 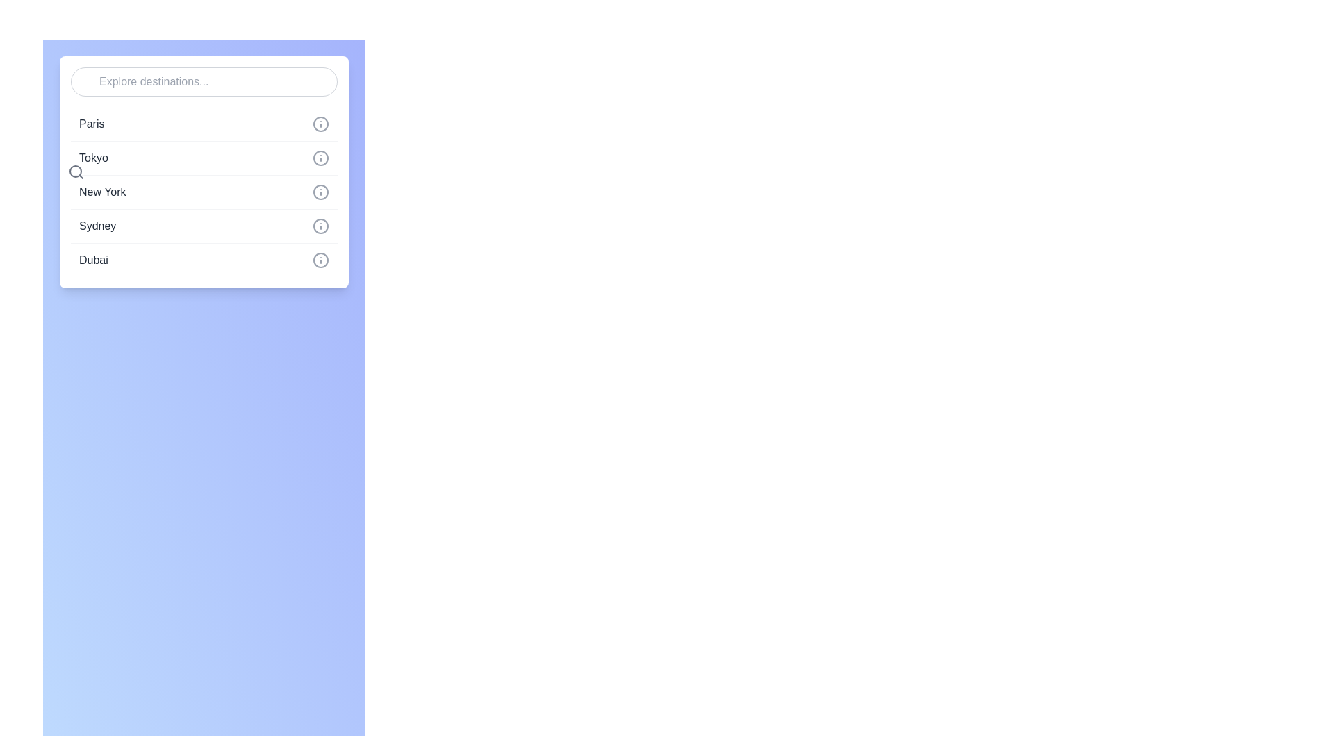 I want to click on the 'New York' label, so click(x=101, y=192).